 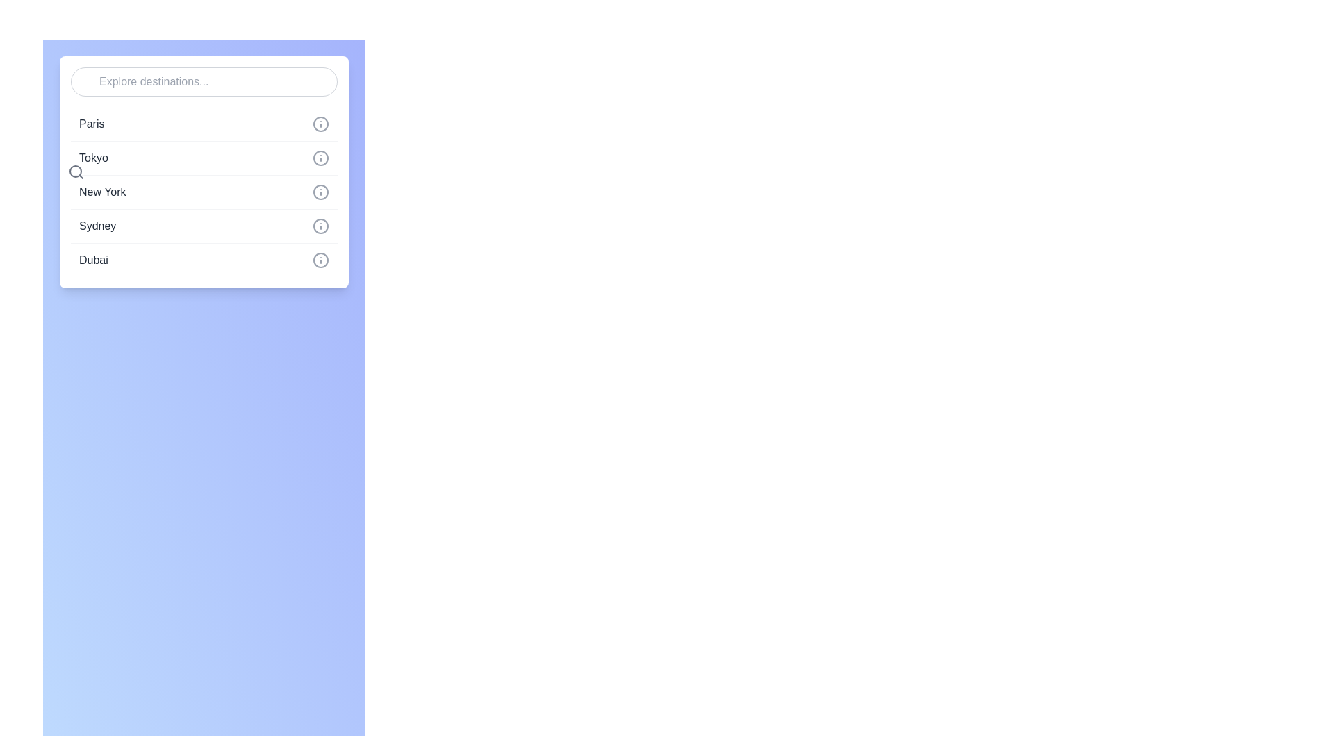 I want to click on the 'New York' label, so click(x=101, y=192).